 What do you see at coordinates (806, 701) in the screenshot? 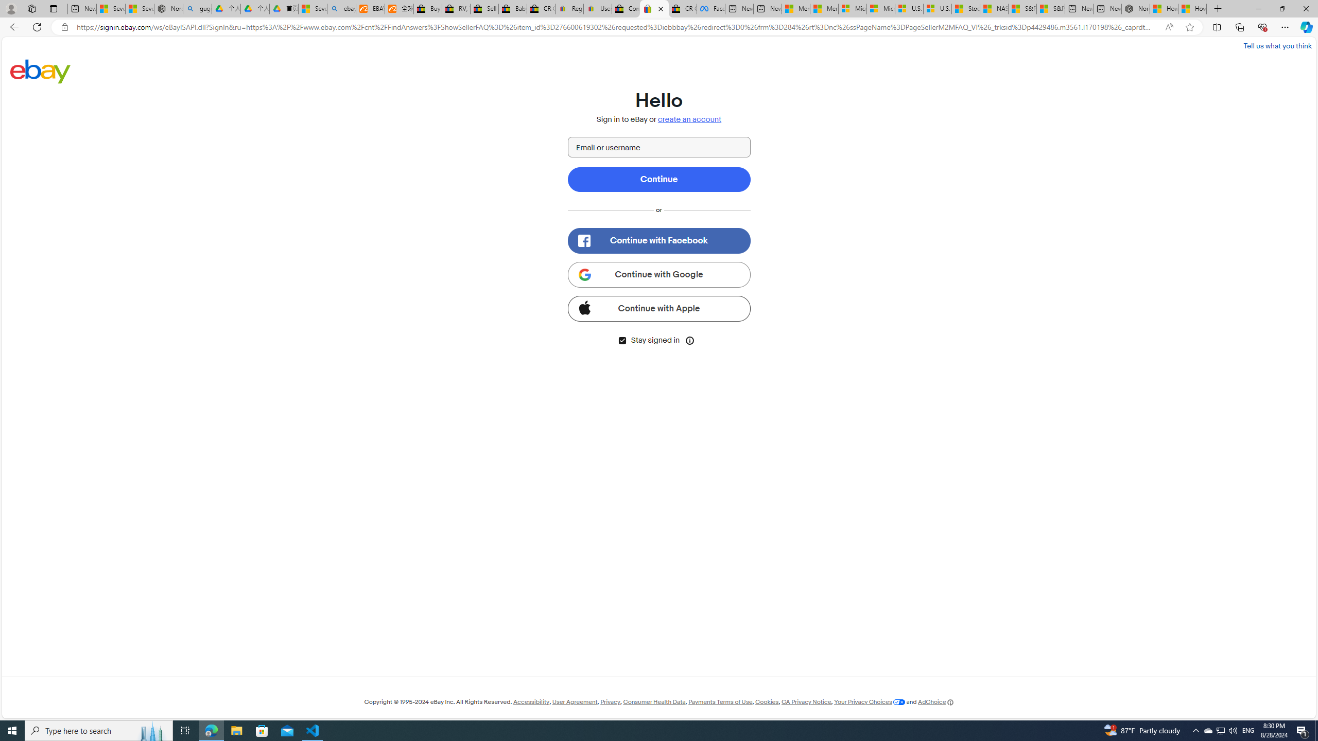
I see `'CA Privacy Notice'` at bounding box center [806, 701].